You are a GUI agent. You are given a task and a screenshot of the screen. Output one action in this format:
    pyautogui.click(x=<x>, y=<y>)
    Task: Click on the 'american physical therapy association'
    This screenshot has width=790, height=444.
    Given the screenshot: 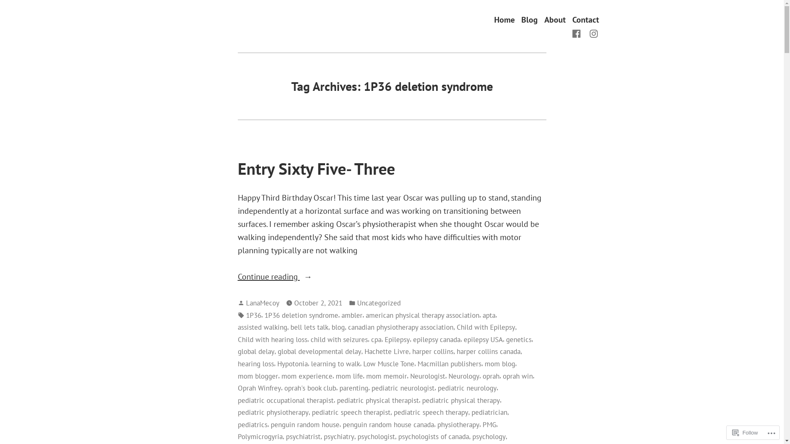 What is the action you would take?
    pyautogui.click(x=422, y=315)
    